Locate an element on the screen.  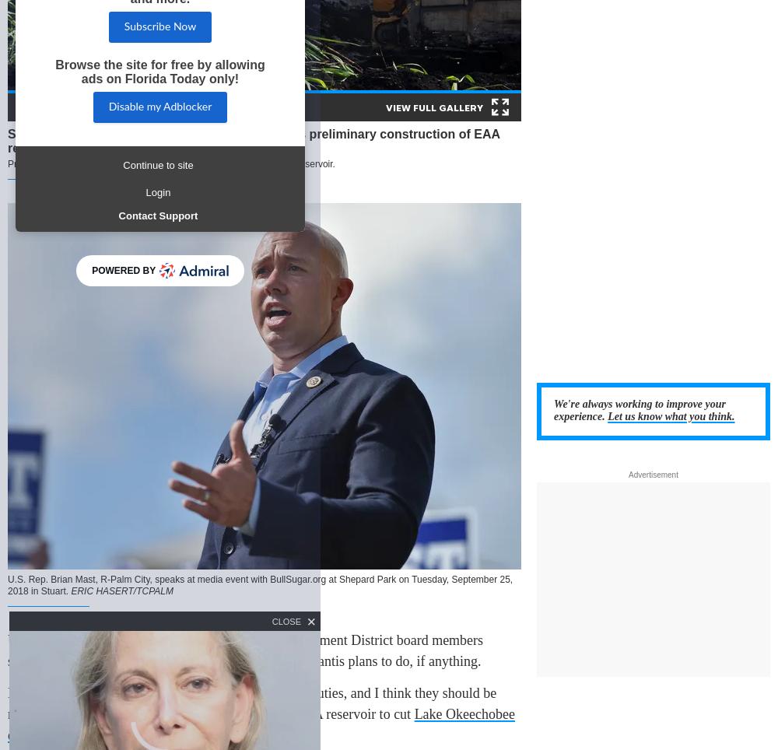
'Subscribe Now' is located at coordinates (124, 26).